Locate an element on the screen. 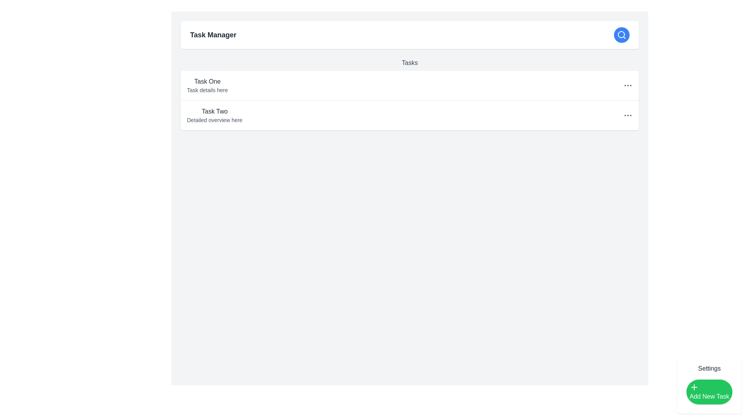 This screenshot has width=748, height=420. the blue icon button located in the top-right corner of the header section is located at coordinates (621, 34).